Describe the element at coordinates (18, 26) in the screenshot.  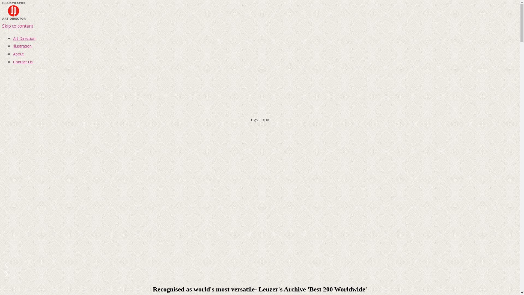
I see `'Skip to content'` at that location.